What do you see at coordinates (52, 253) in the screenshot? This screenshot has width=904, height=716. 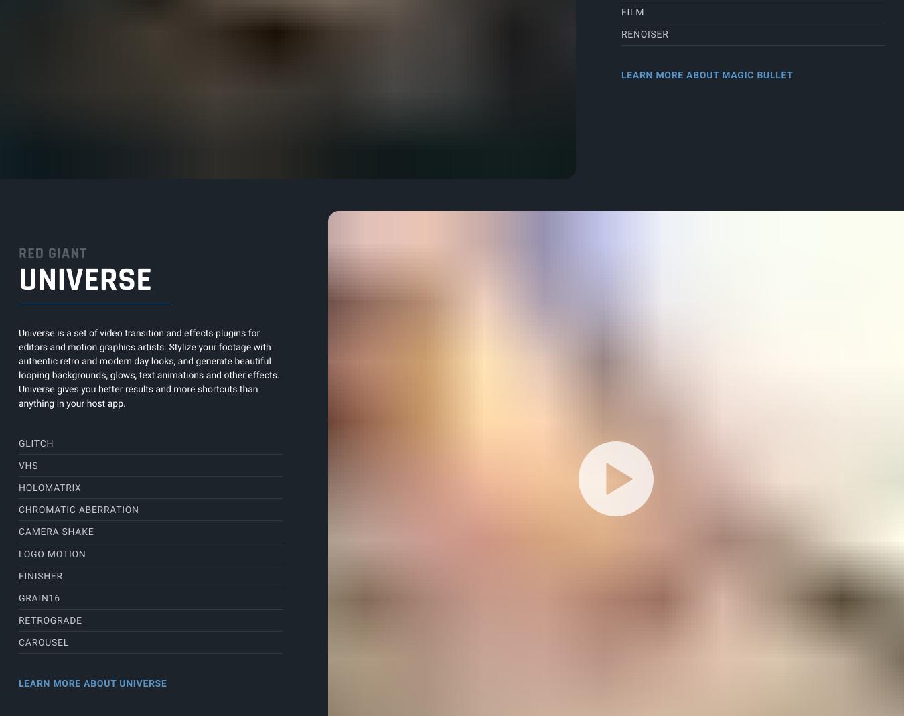 I see `'Red Giant'` at bounding box center [52, 253].